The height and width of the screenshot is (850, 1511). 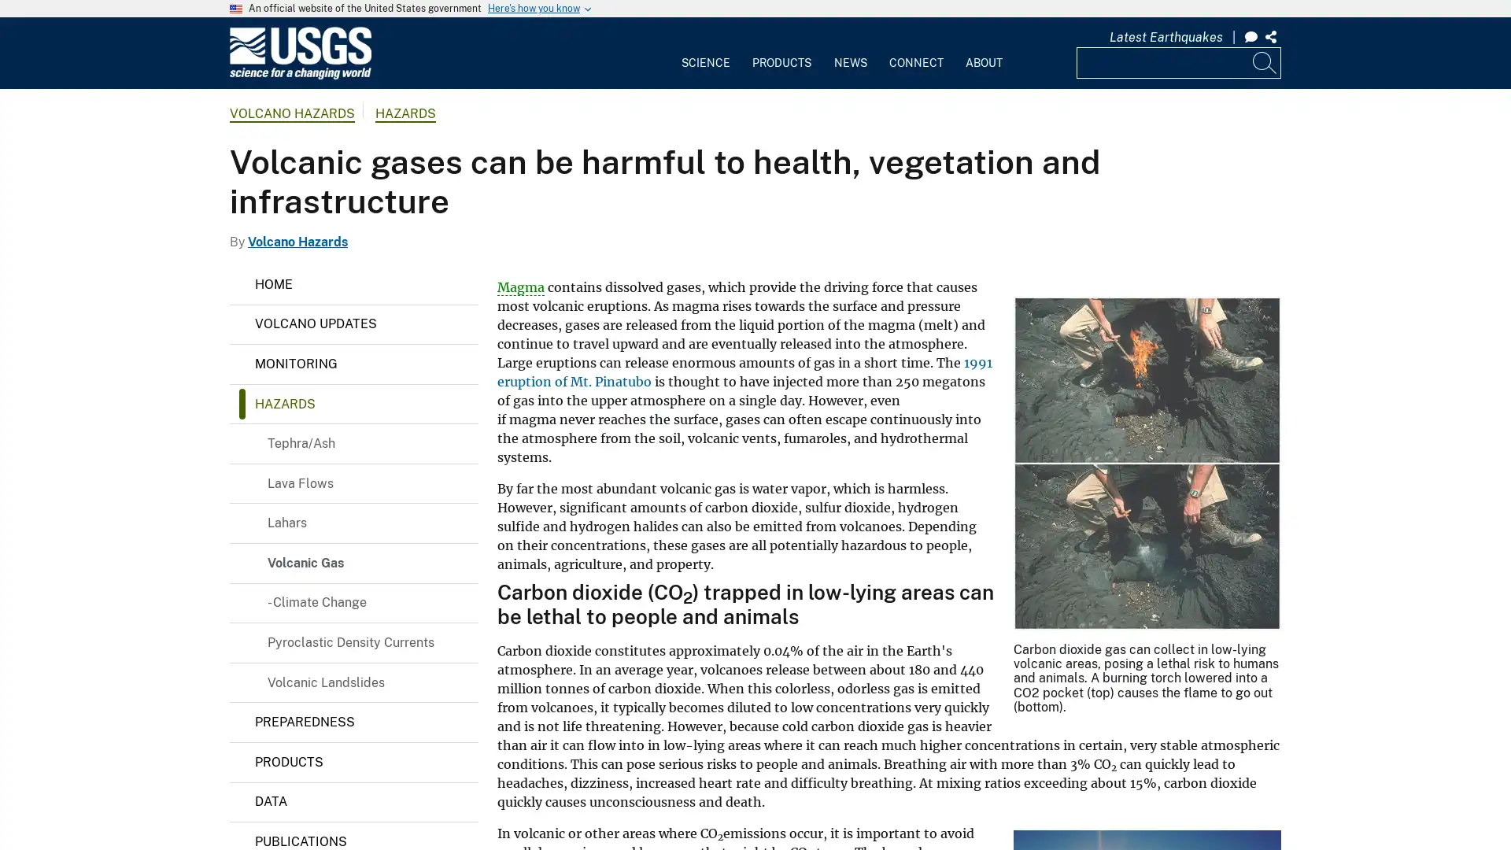 I want to click on CONNECT, so click(x=915, y=51).